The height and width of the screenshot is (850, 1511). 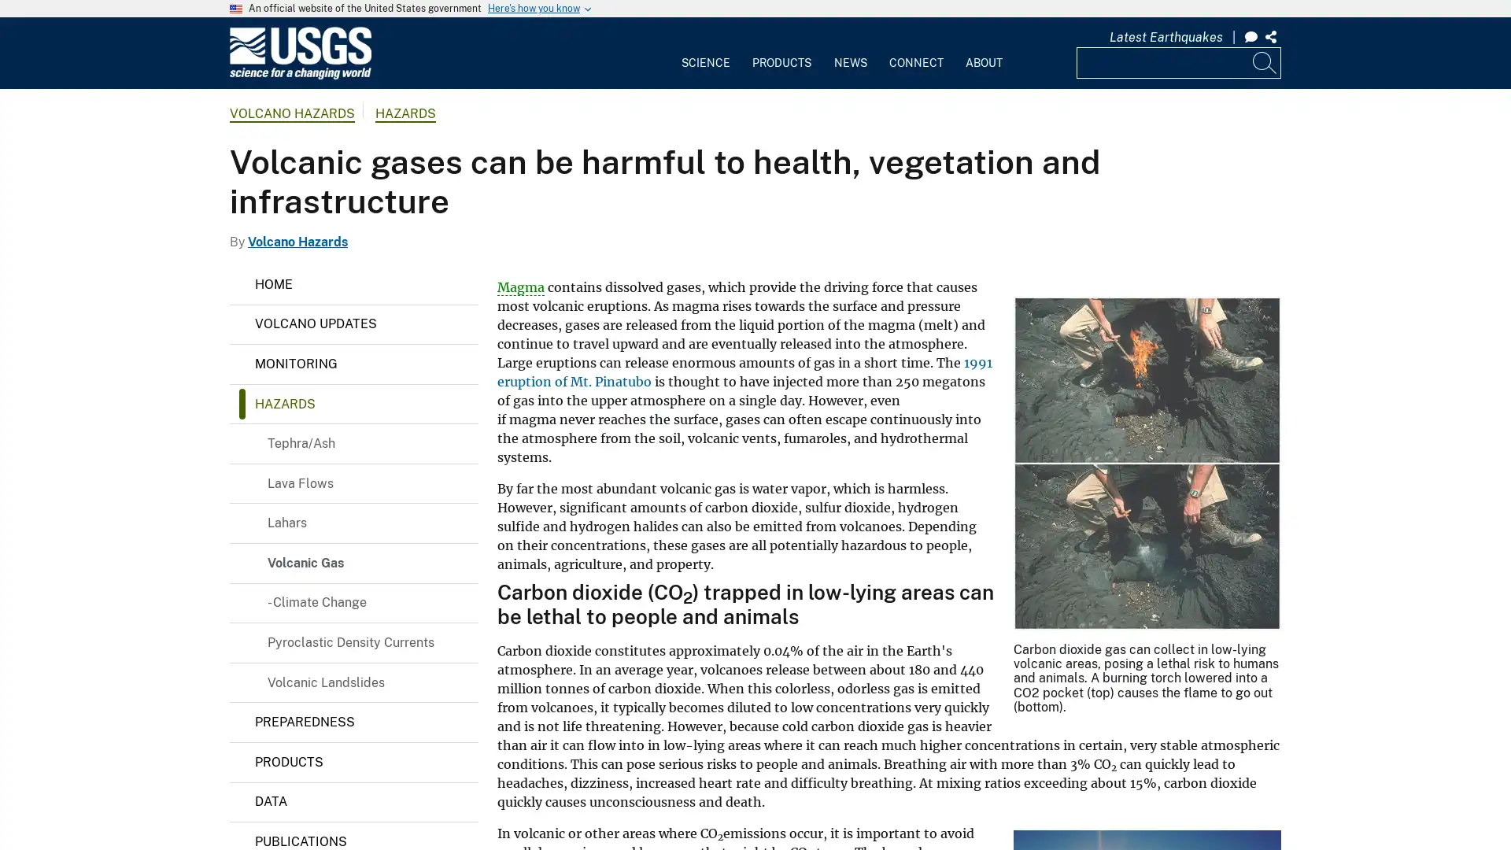 I want to click on CONNECT, so click(x=915, y=51).